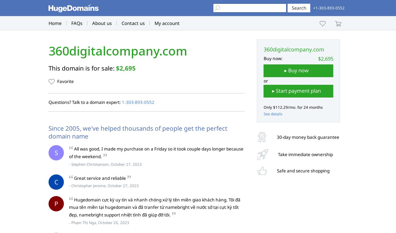  Describe the element at coordinates (56, 152) in the screenshot. I see `'S'` at that location.